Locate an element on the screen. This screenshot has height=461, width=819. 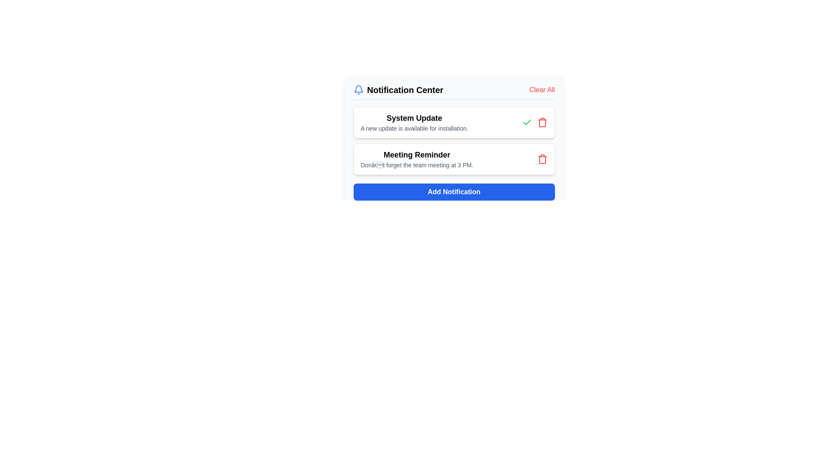
the bold text label 'Meeting Reminder' located above the descriptive text in the second notification card of the Notification Center is located at coordinates (417, 155).